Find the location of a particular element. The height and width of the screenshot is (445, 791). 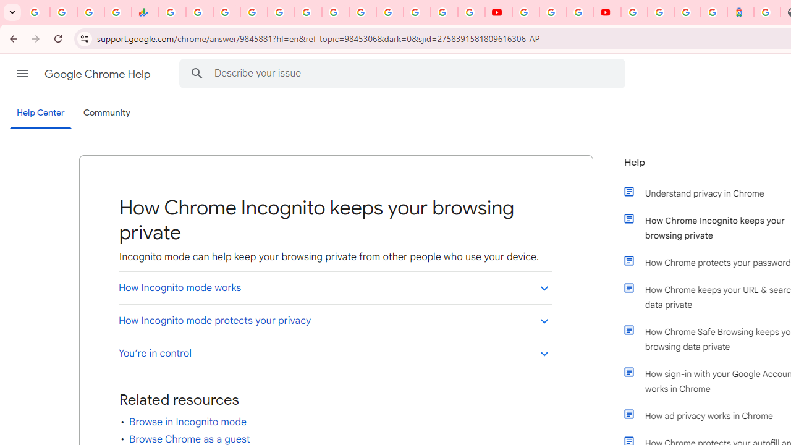

'Google Chrome Help' is located at coordinates (99, 74).